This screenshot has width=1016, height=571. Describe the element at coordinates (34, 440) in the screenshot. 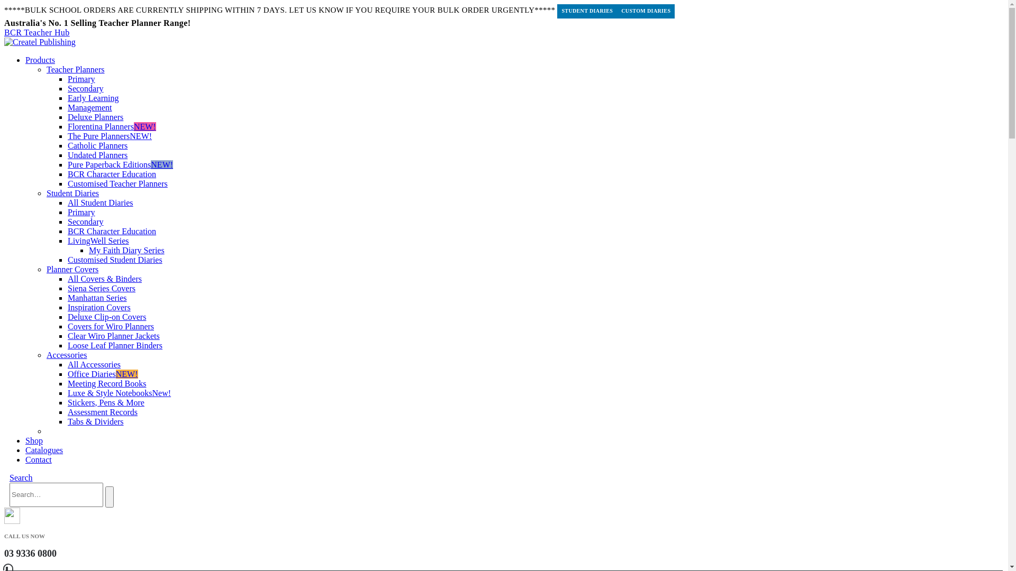

I see `'Shop'` at that location.